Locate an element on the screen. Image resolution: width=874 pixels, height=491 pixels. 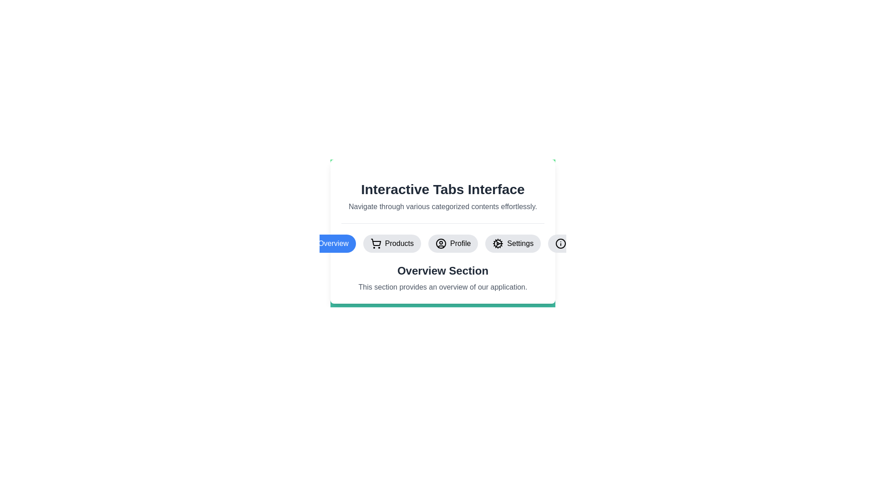
the Text header located at the upper-center of the interface, which serves as the title for the application’s primary feature is located at coordinates (443, 189).